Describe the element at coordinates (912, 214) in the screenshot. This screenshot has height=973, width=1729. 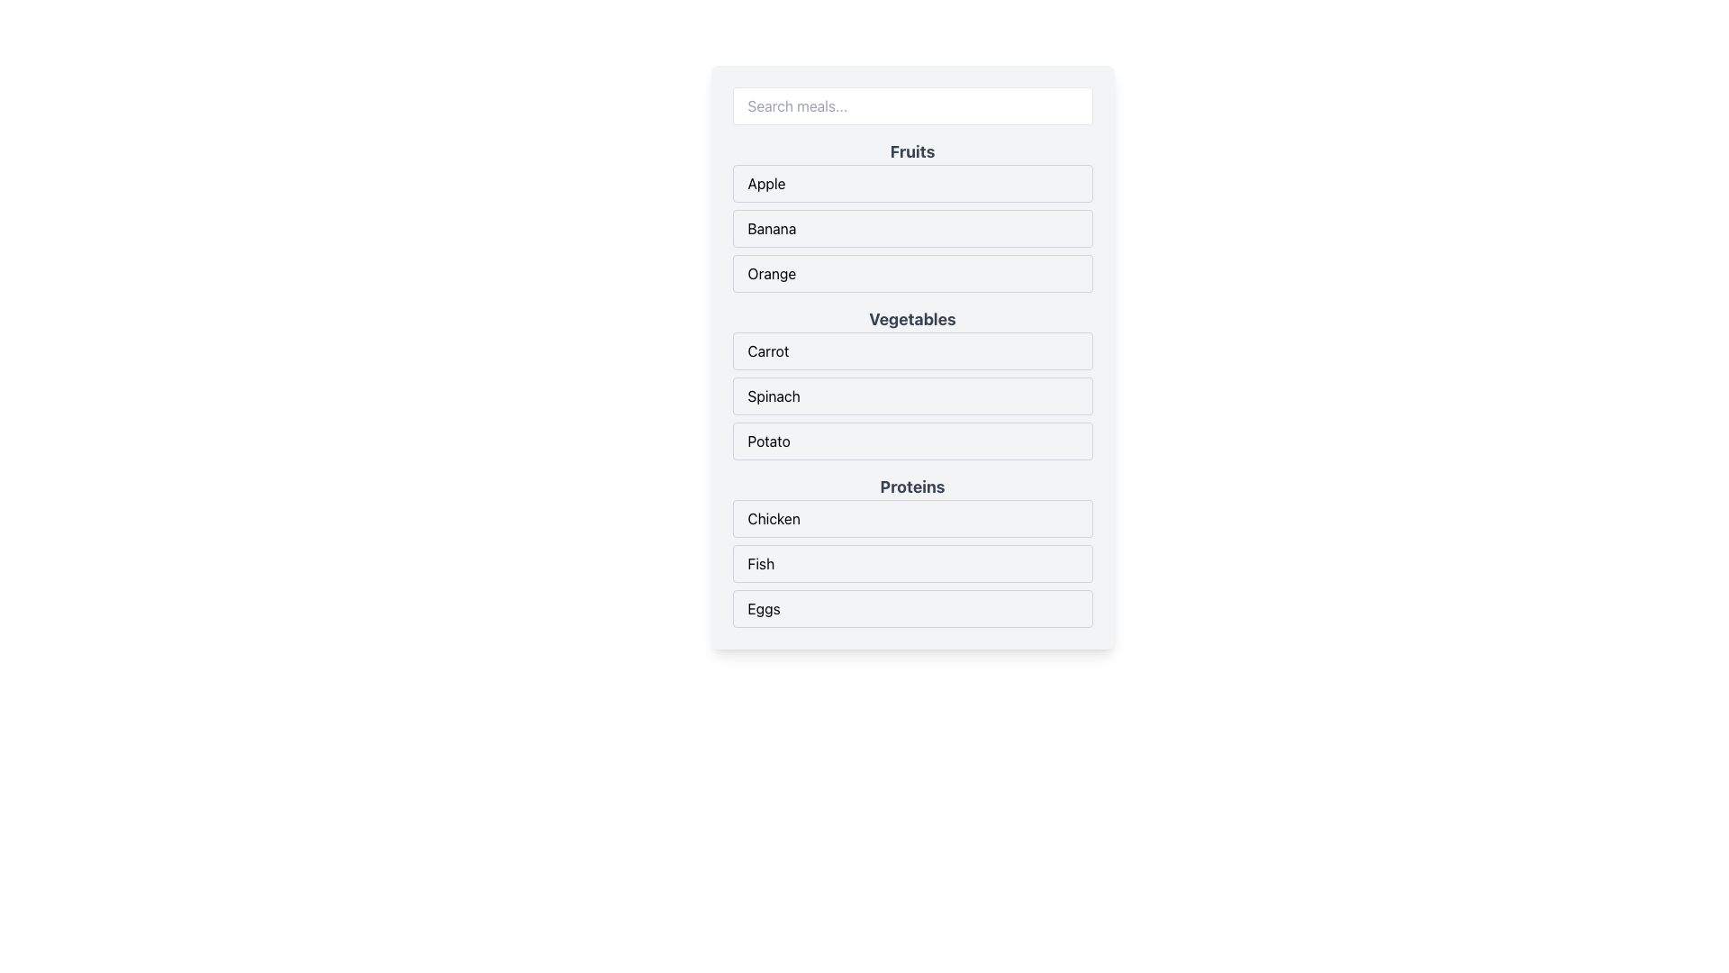
I see `the second button in the 'Fruits' category list, located between the 'Apple' and 'Orange' buttons` at that location.